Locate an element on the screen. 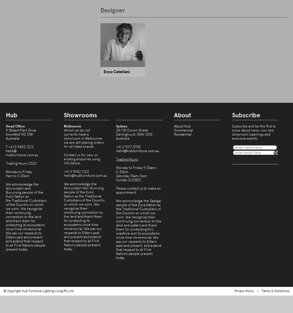 The width and height of the screenshot is (293, 313). 'Showrooms' is located at coordinates (80, 115).